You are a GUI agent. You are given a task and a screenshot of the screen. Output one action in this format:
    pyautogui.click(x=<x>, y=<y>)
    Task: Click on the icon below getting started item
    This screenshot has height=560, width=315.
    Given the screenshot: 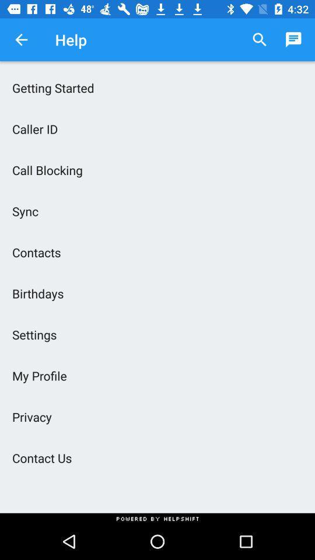 What is the action you would take?
    pyautogui.click(x=157, y=129)
    